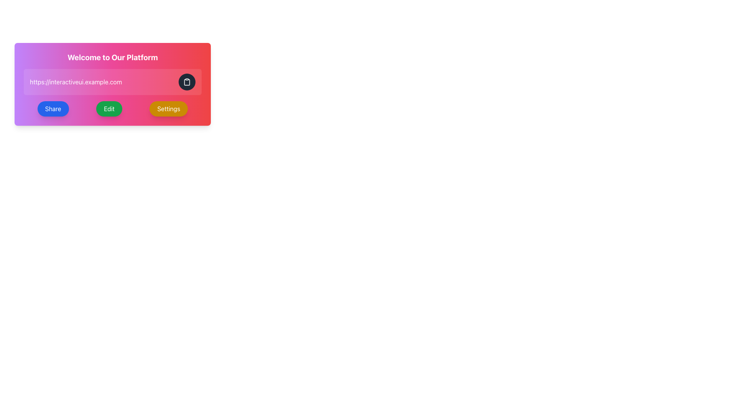  I want to click on the clipboard SVG icon located, so click(187, 82).